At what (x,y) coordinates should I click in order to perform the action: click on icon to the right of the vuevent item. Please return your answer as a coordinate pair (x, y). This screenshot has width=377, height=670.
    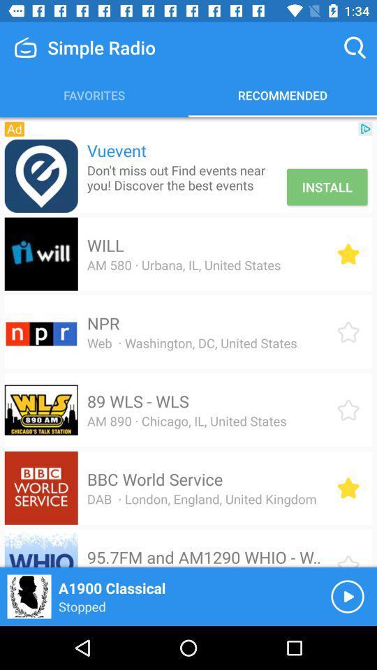
    Looking at the image, I should click on (365, 128).